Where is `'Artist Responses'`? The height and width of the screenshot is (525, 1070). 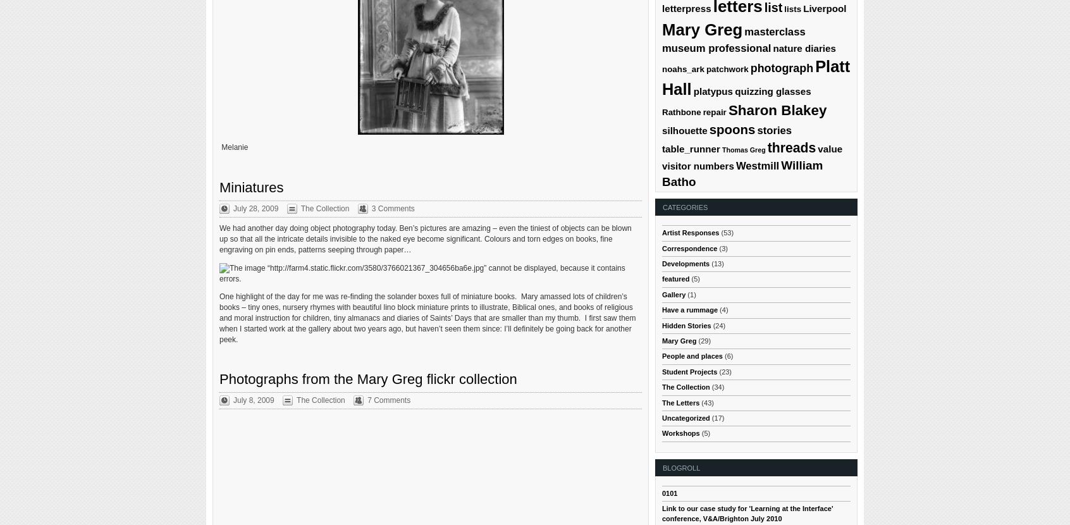 'Artist Responses' is located at coordinates (691, 233).